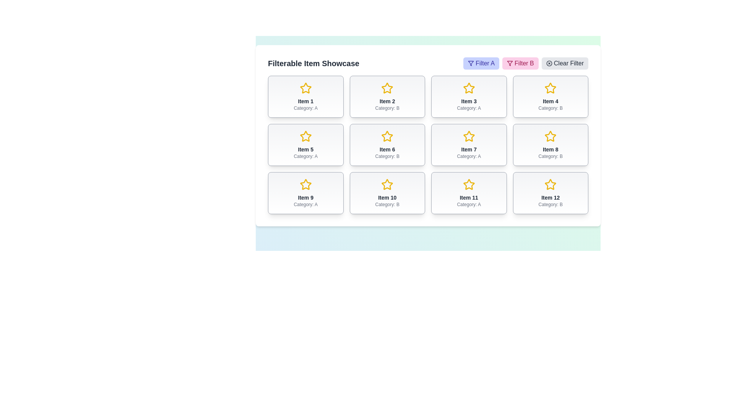  Describe the element at coordinates (550, 184) in the screenshot. I see `the star icon in the third row and fourth column of the grid, representing a selection or rating mechanism, to interact with it` at that location.